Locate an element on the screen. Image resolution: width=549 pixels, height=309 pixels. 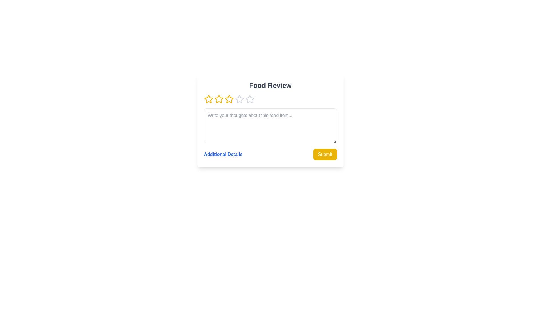
the rating to 4 stars by clicking on the corresponding star button is located at coordinates (239, 99).